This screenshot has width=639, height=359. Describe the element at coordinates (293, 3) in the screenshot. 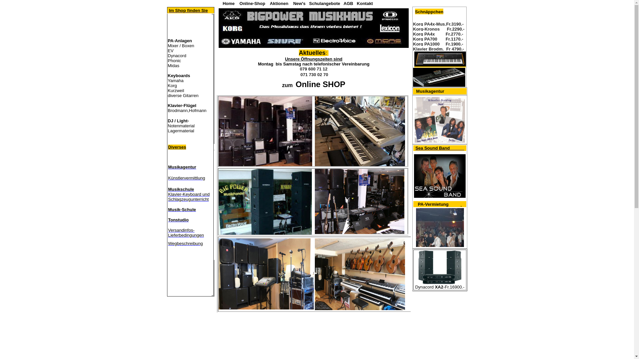

I see `'New's '` at that location.